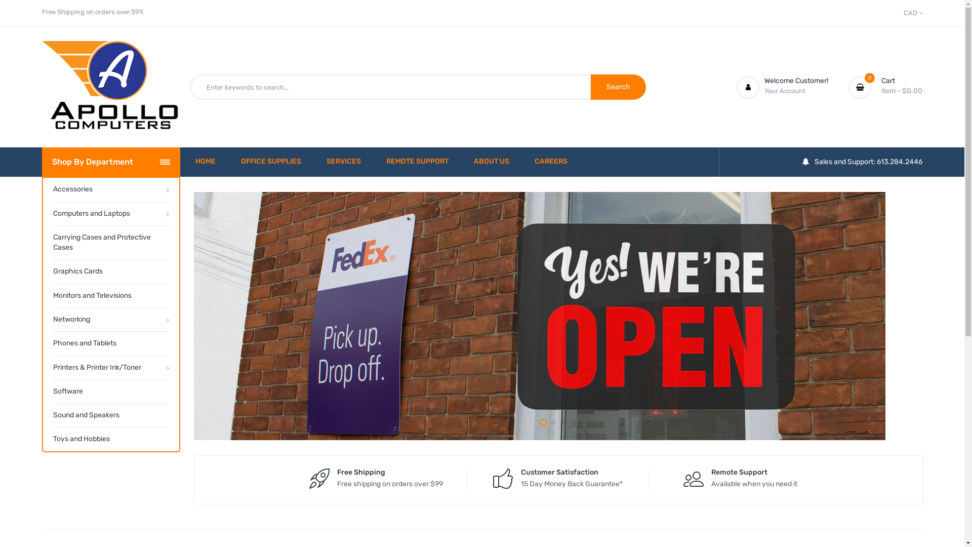 The image size is (972, 547). Describe the element at coordinates (550, 161) in the screenshot. I see `'CAREERS'` at that location.